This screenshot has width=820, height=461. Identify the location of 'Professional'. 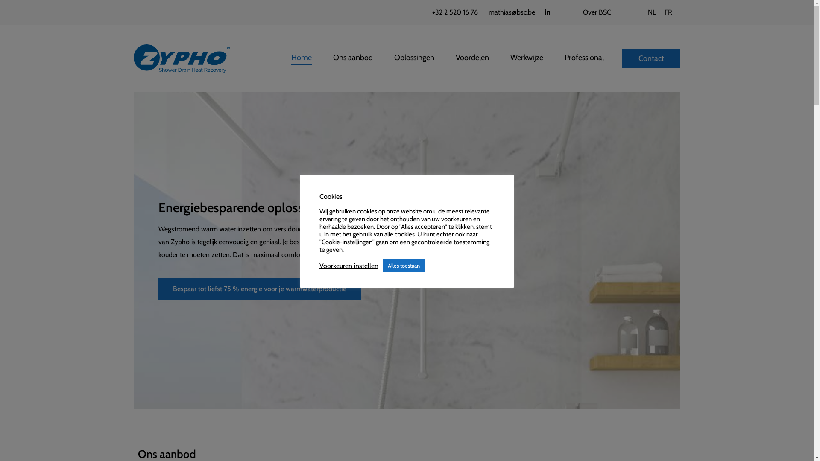
(553, 58).